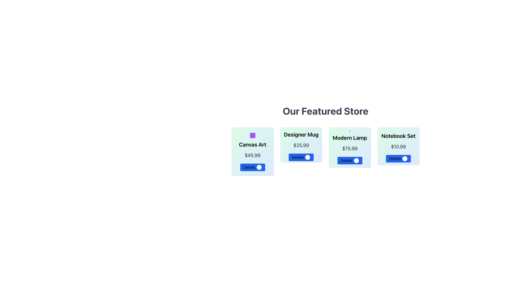 The image size is (520, 292). I want to click on the 'Details' button, which is a rectangular button with black text on a vivid blue background, located below the price in the 'Designer Mug' card, so click(301, 157).